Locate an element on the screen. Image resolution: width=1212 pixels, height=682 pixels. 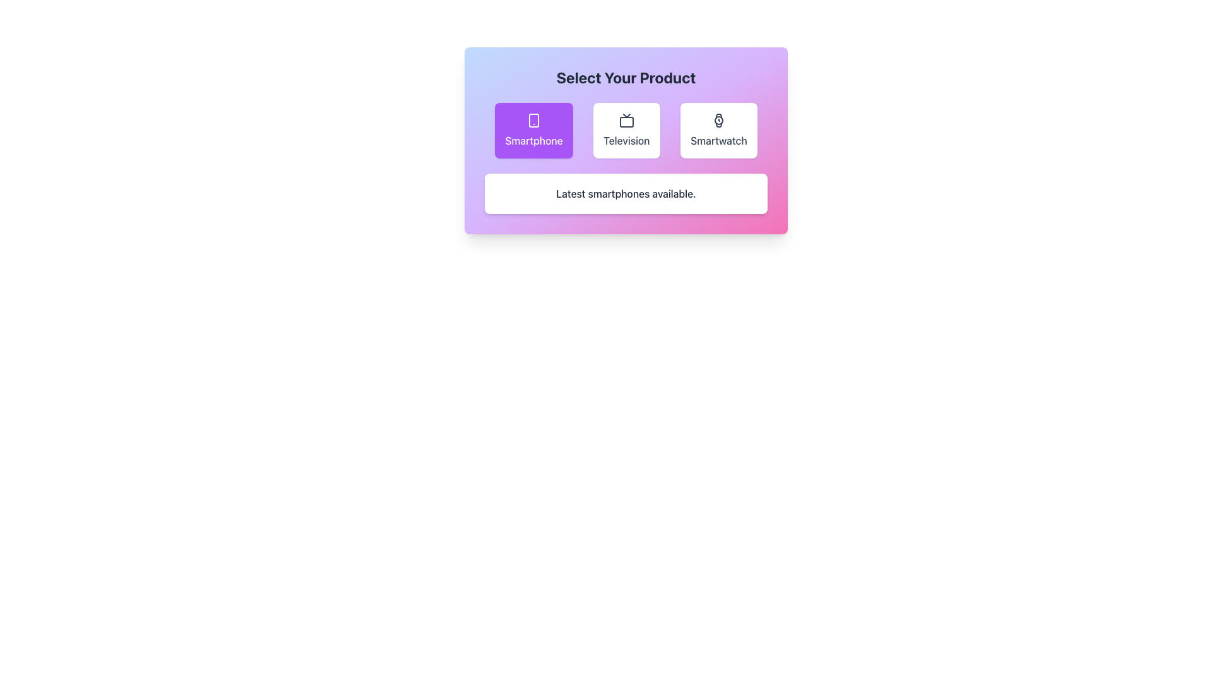
the television icon card, which features a minimalistic black television set icon centered above the text 'Television'. This card is the second in a row of three horizontally aligned cards is located at coordinates (626, 121).